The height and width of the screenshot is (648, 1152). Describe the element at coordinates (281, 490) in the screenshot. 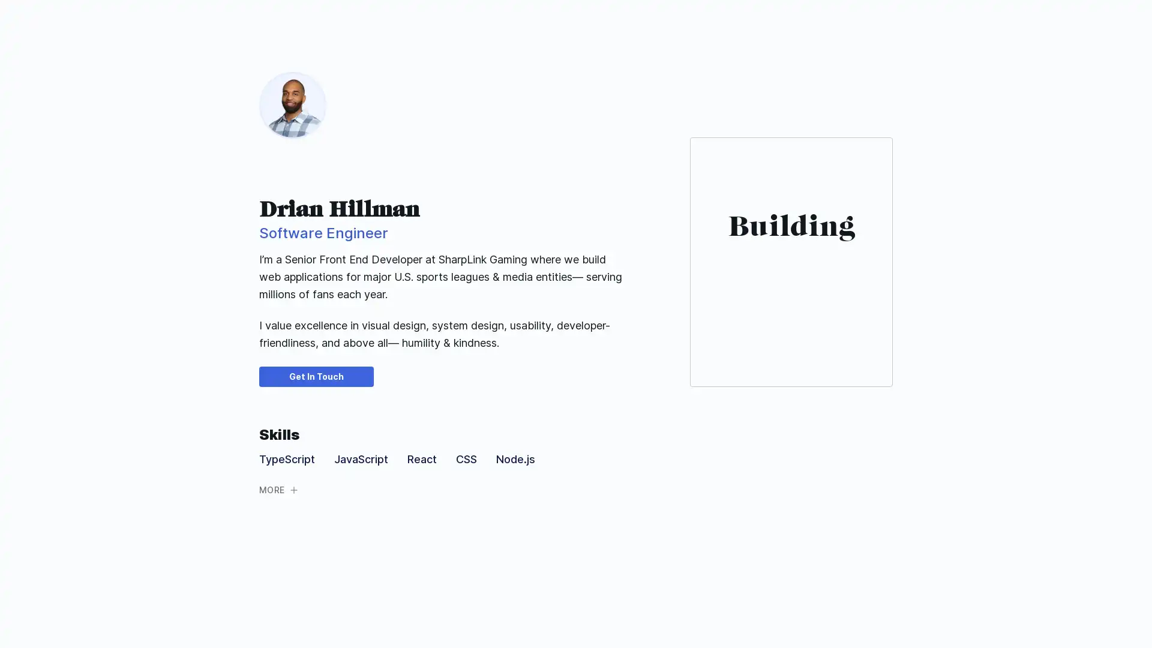

I see `MORE` at that location.